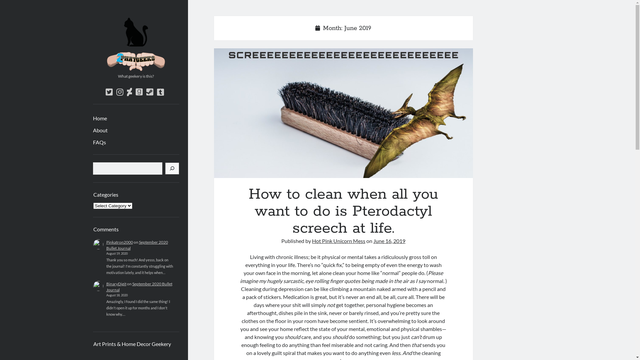 This screenshot has height=360, width=640. I want to click on 'tumblr', so click(160, 92).